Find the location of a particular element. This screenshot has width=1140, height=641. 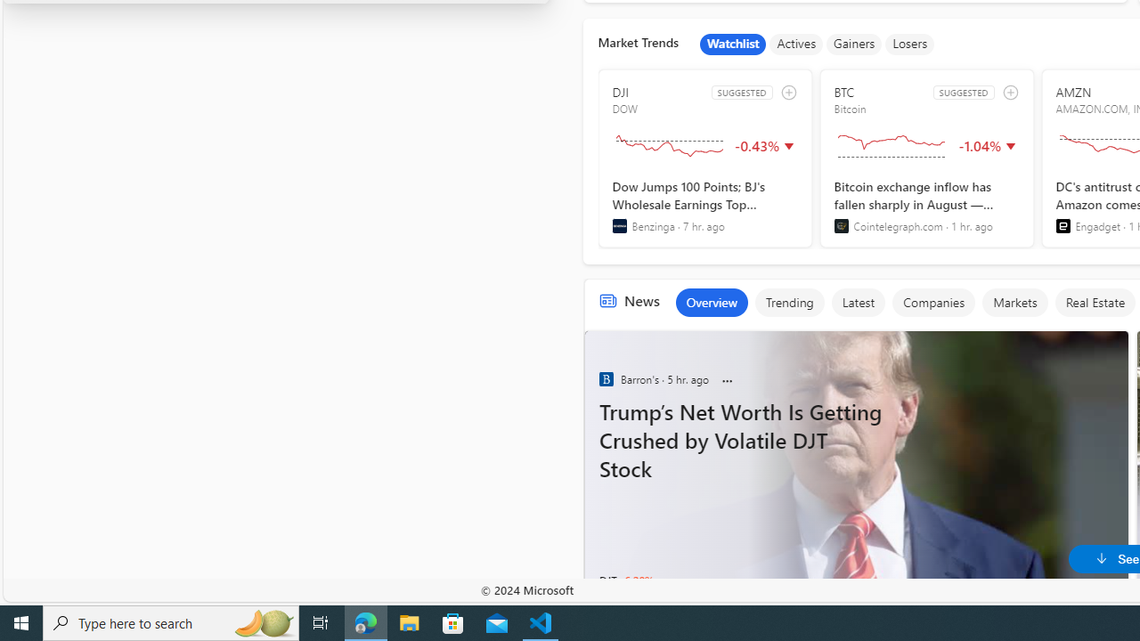

'Companies' is located at coordinates (932, 301).